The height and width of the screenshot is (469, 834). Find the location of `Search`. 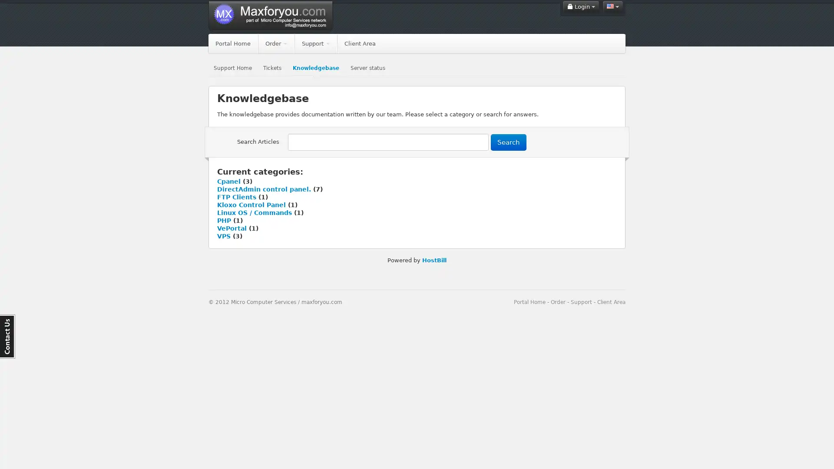

Search is located at coordinates (509, 142).